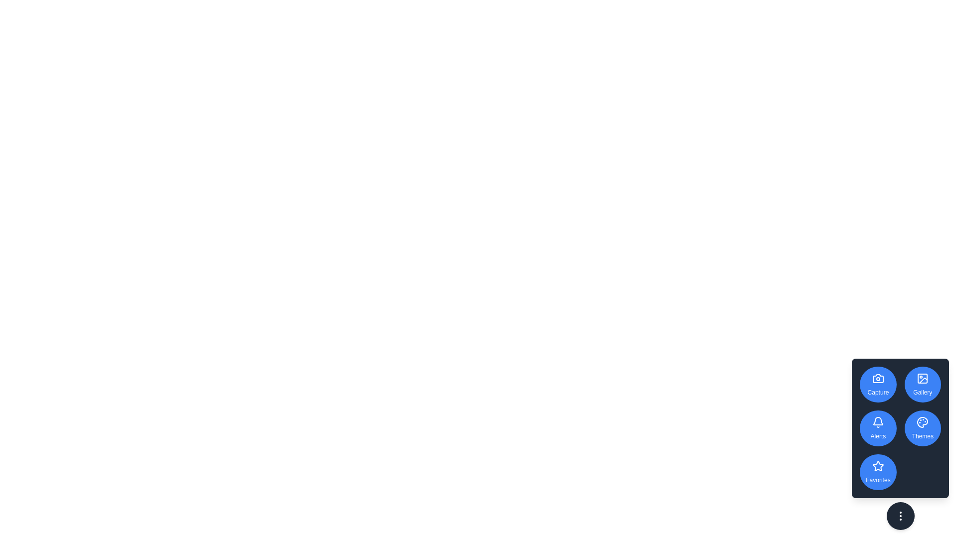 The width and height of the screenshot is (957, 538). I want to click on the 'Gallery' button to open the gallery, so click(922, 384).